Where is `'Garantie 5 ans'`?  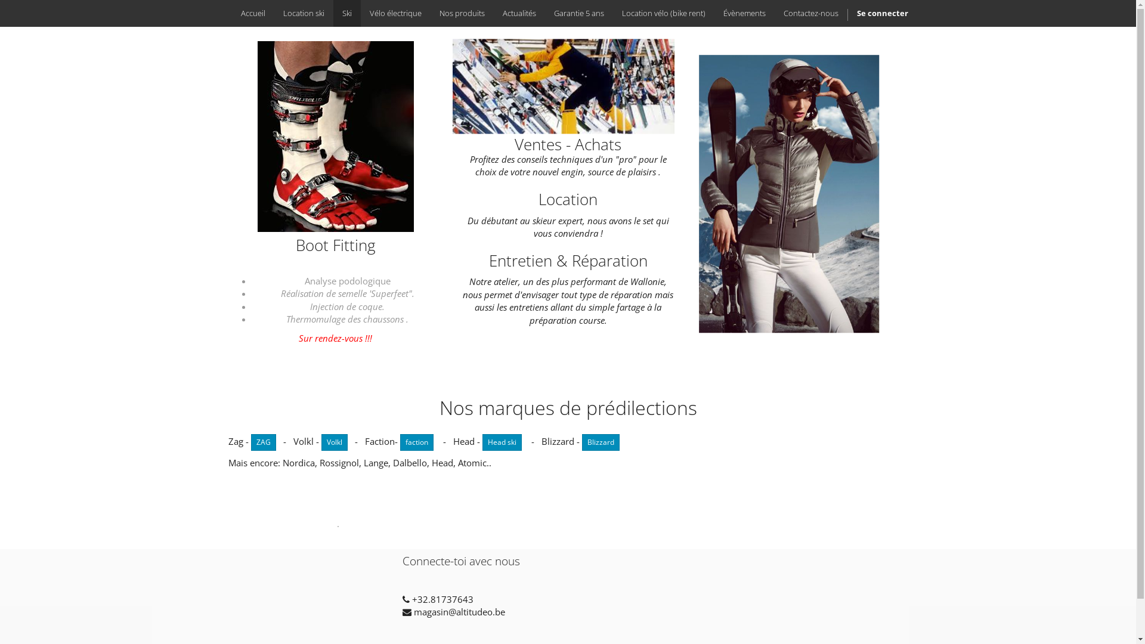
'Garantie 5 ans' is located at coordinates (544, 13).